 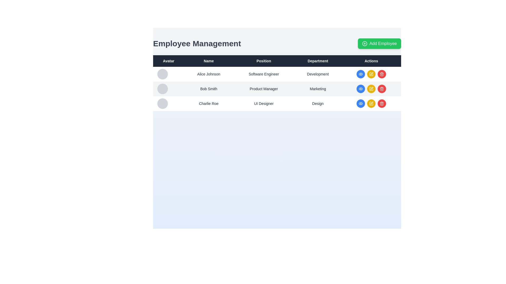 I want to click on the pen icon located in the 'Actions' column of the last row in the employee table, which is styled with 'currentColor' fill, so click(x=372, y=103).